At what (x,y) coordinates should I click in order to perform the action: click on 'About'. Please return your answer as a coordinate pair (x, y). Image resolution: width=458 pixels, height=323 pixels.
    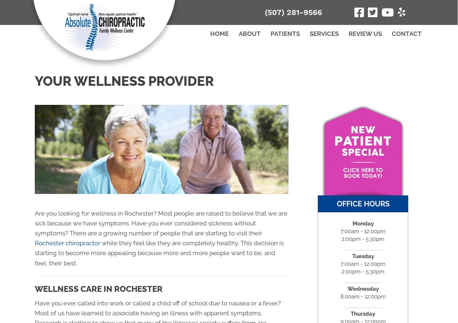
    Looking at the image, I should click on (249, 33).